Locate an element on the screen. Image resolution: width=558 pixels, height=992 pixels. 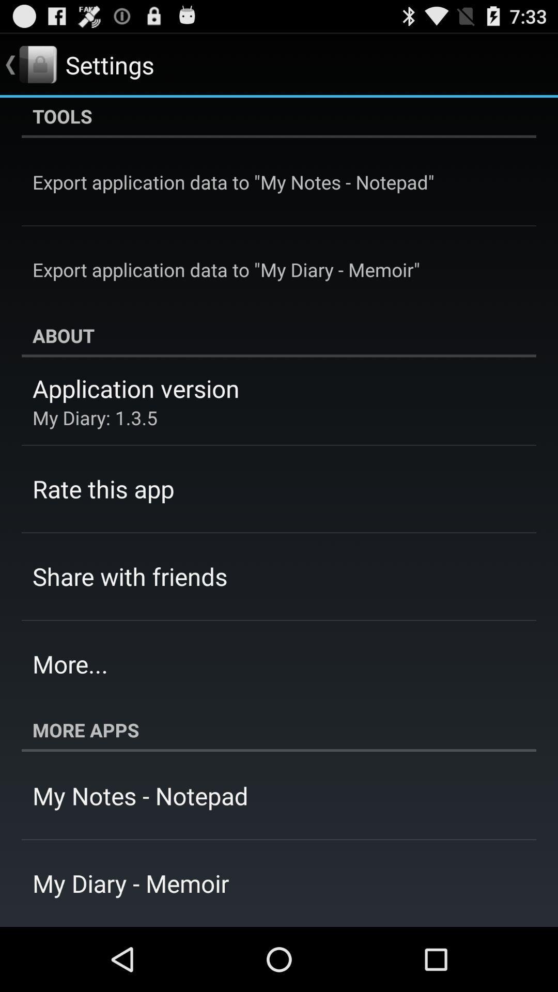
application version app is located at coordinates (135, 388).